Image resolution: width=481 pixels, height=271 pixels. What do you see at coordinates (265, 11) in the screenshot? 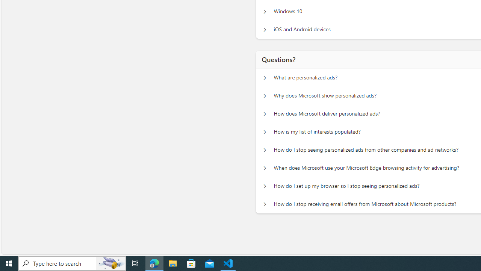
I see `'Manage personalized ads on your device Windows 10'` at bounding box center [265, 11].